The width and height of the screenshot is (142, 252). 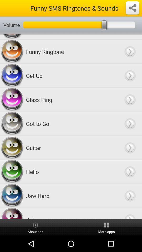 I want to click on go next option, so click(x=130, y=124).